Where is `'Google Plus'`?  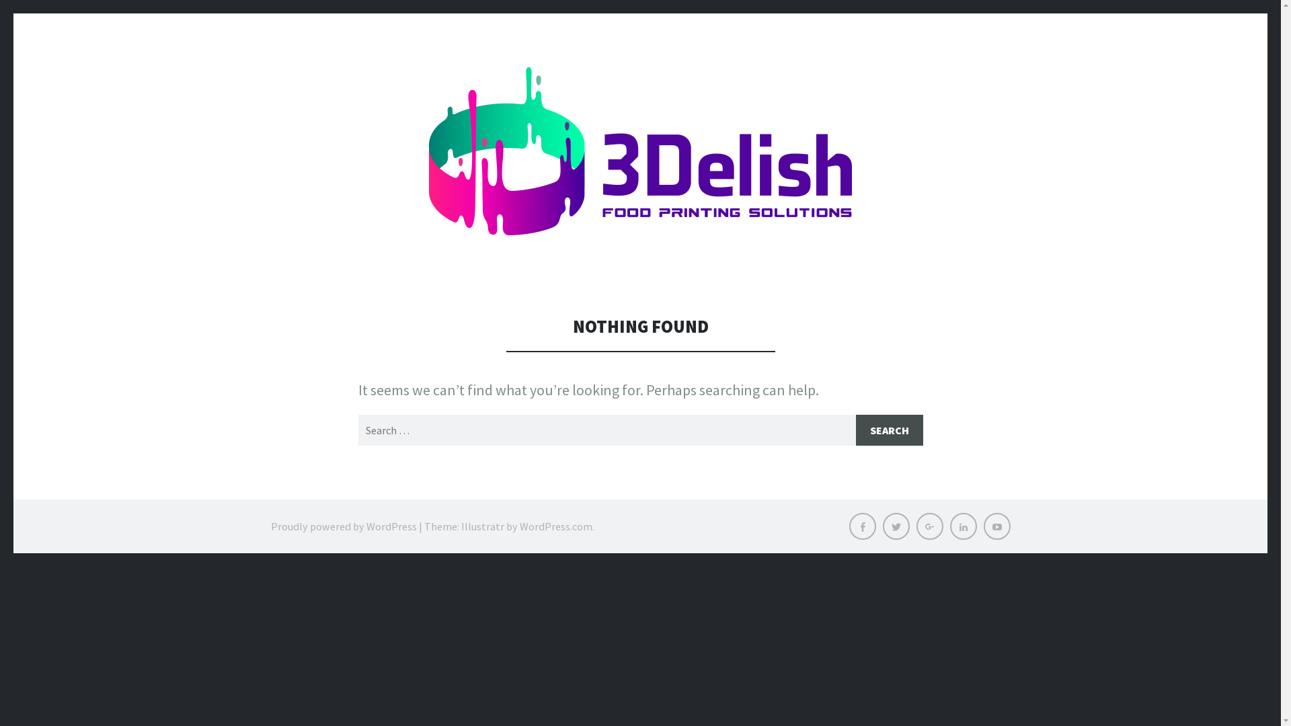
'Google Plus' is located at coordinates (929, 526).